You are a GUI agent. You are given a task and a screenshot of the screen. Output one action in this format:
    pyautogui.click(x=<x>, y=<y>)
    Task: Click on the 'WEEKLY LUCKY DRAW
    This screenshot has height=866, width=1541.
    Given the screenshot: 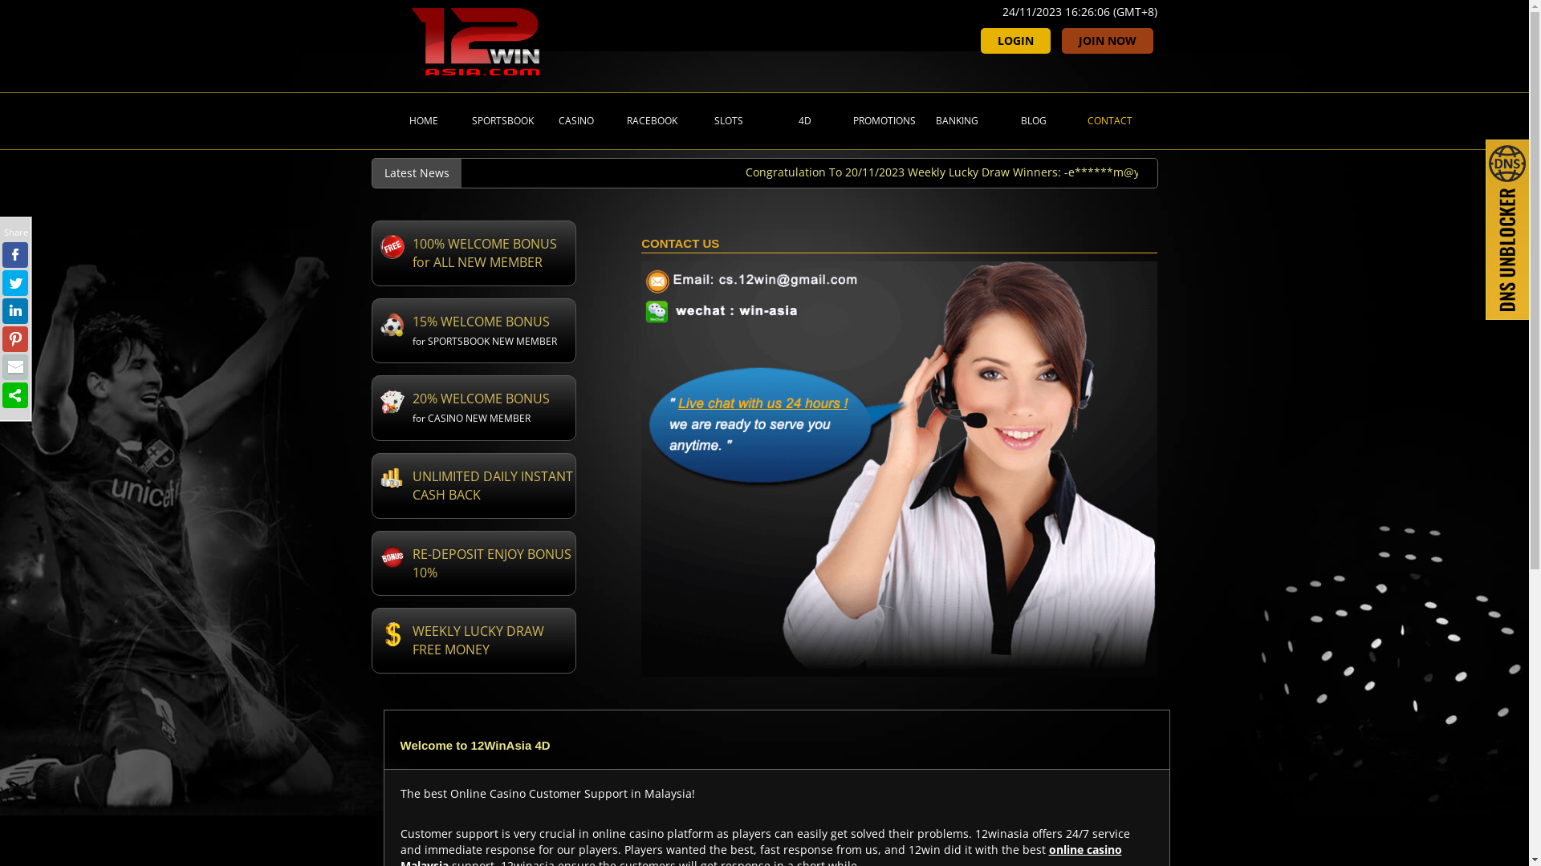 What is the action you would take?
    pyautogui.click(x=472, y=639)
    